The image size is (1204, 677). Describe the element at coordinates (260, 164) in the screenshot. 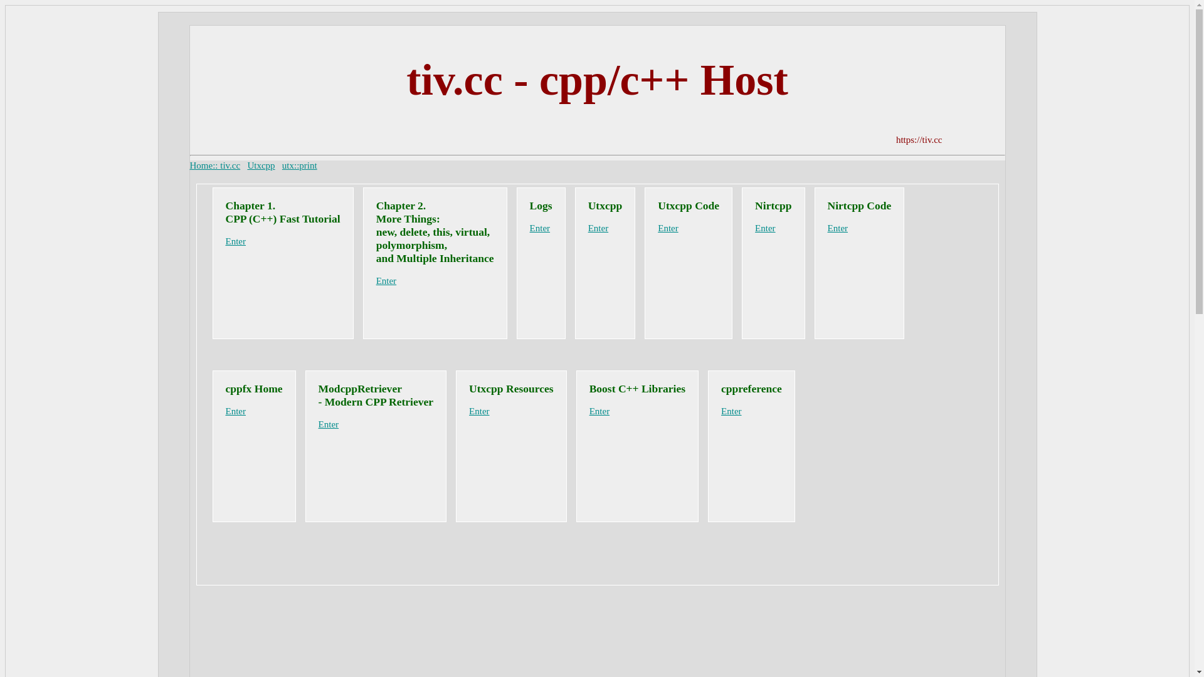

I see `'Utxcpp'` at that location.